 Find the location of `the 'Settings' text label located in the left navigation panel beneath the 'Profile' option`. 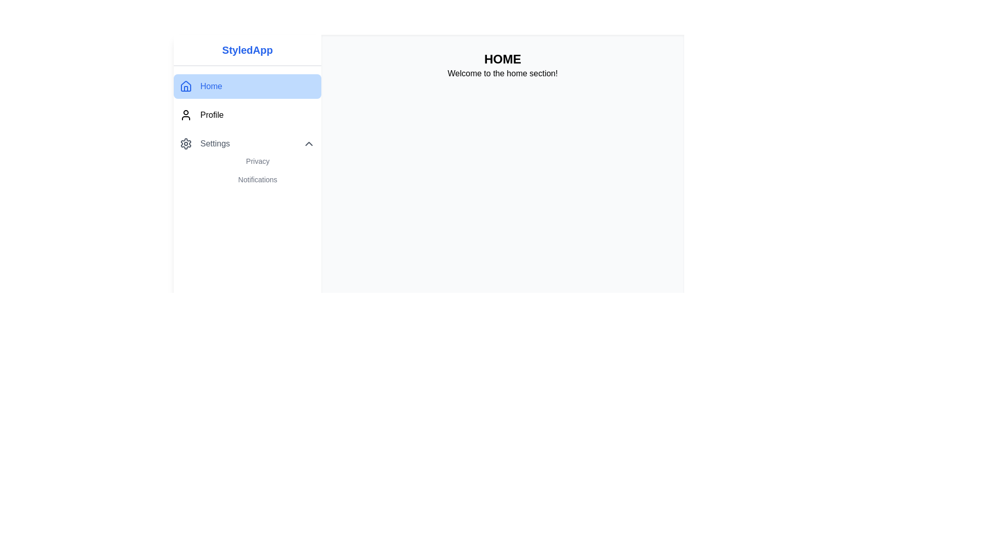

the 'Settings' text label located in the left navigation panel beneath the 'Profile' option is located at coordinates (214, 144).